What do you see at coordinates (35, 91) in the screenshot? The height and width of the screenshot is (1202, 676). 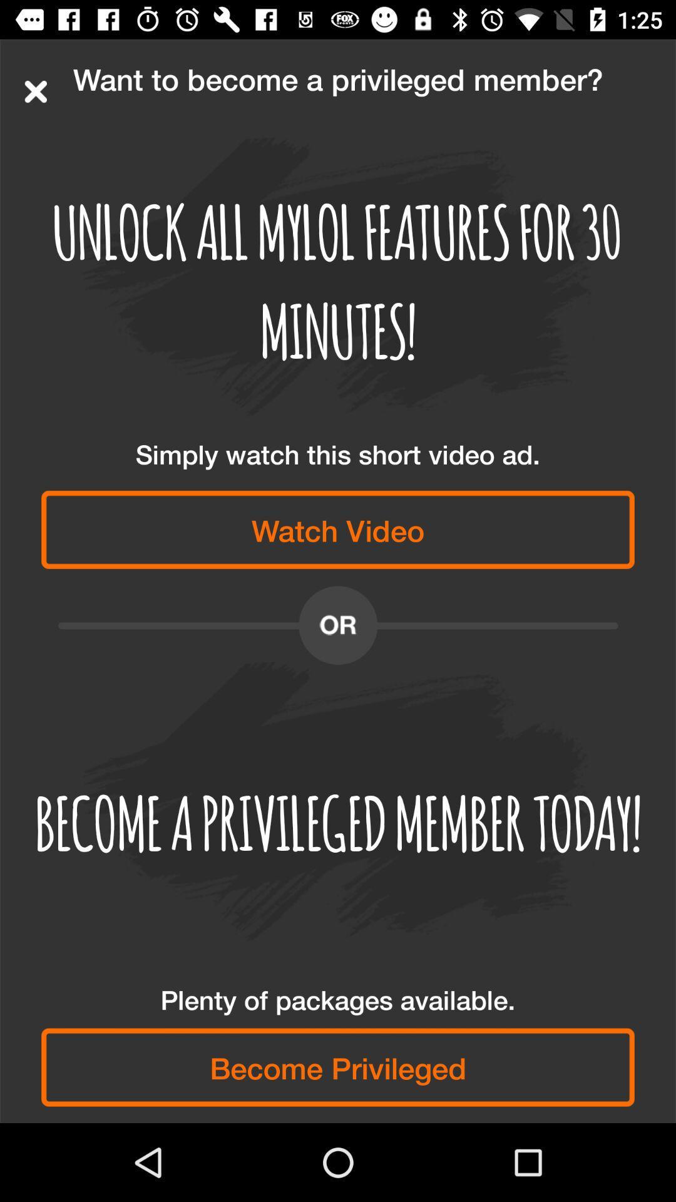 I see `exit` at bounding box center [35, 91].